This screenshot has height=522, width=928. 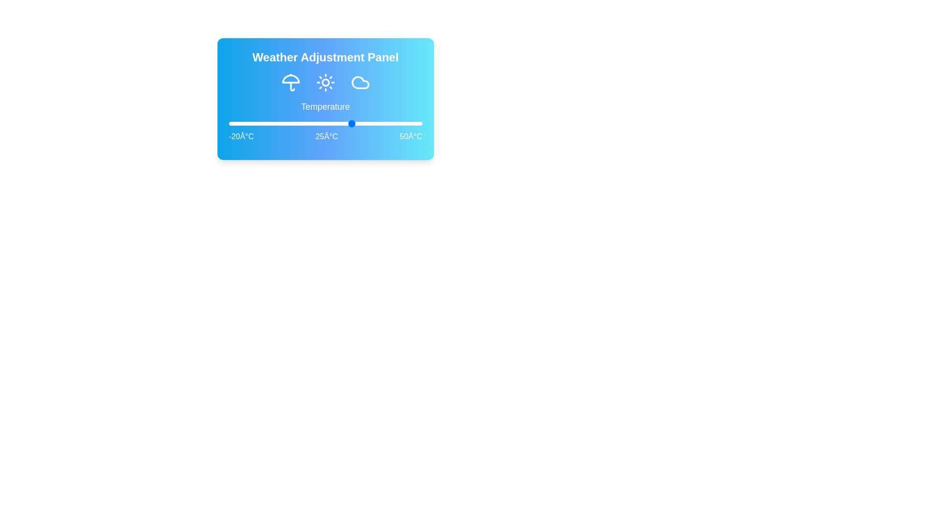 I want to click on the temperature slider to -9°C, so click(x=259, y=123).